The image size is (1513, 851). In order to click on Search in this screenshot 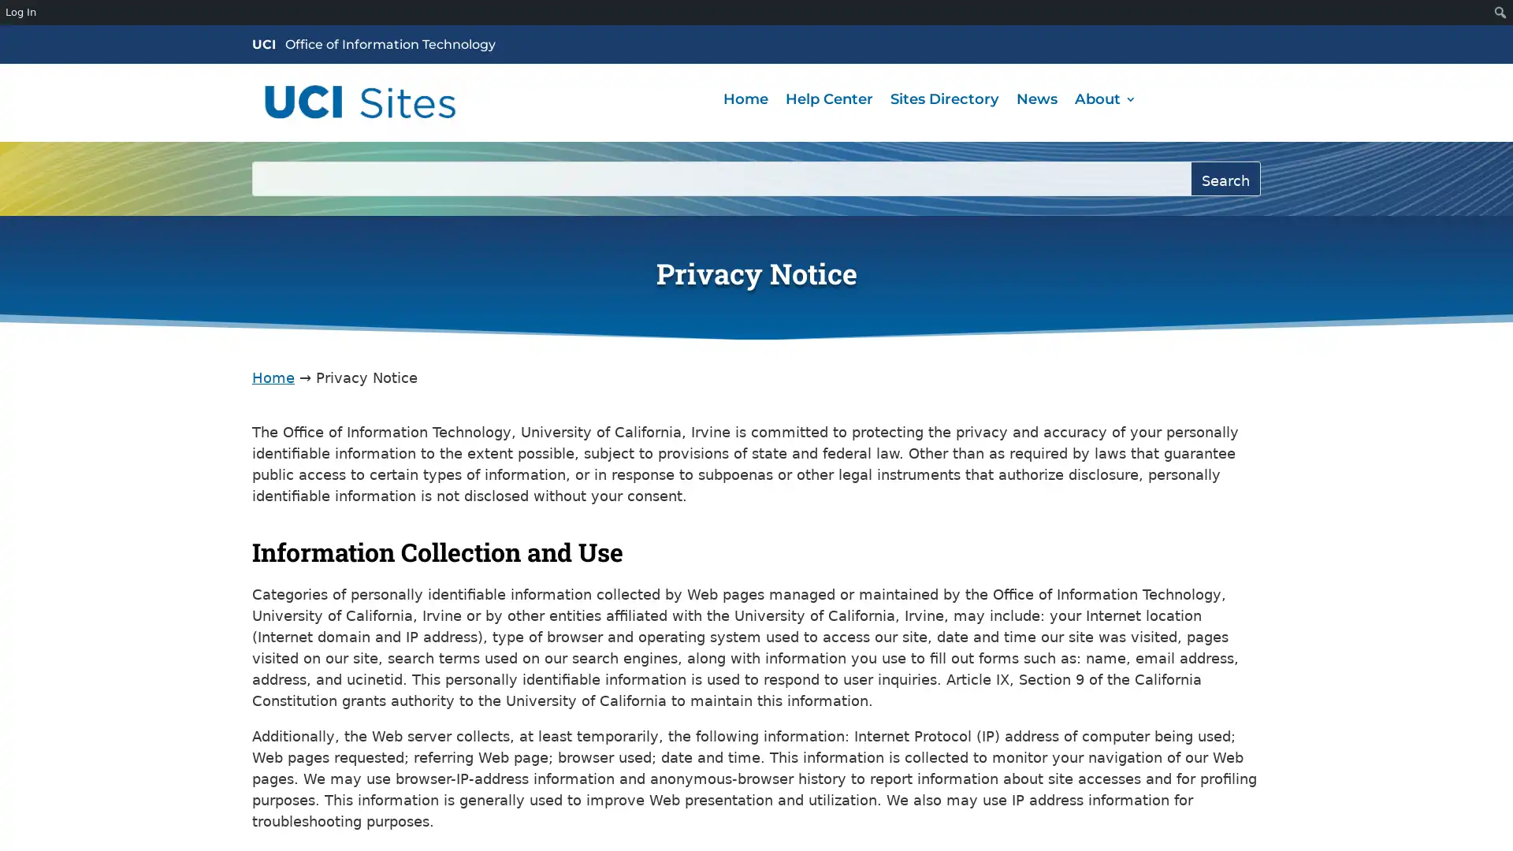, I will do `click(1225, 177)`.